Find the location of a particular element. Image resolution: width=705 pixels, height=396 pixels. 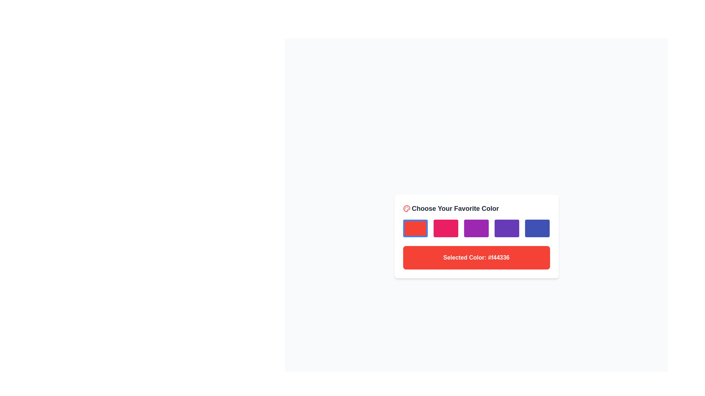

the purple color selection button located fourth from the left in the row of color buttons within the 'Choose Your Favorite Color' card is located at coordinates (506, 228).